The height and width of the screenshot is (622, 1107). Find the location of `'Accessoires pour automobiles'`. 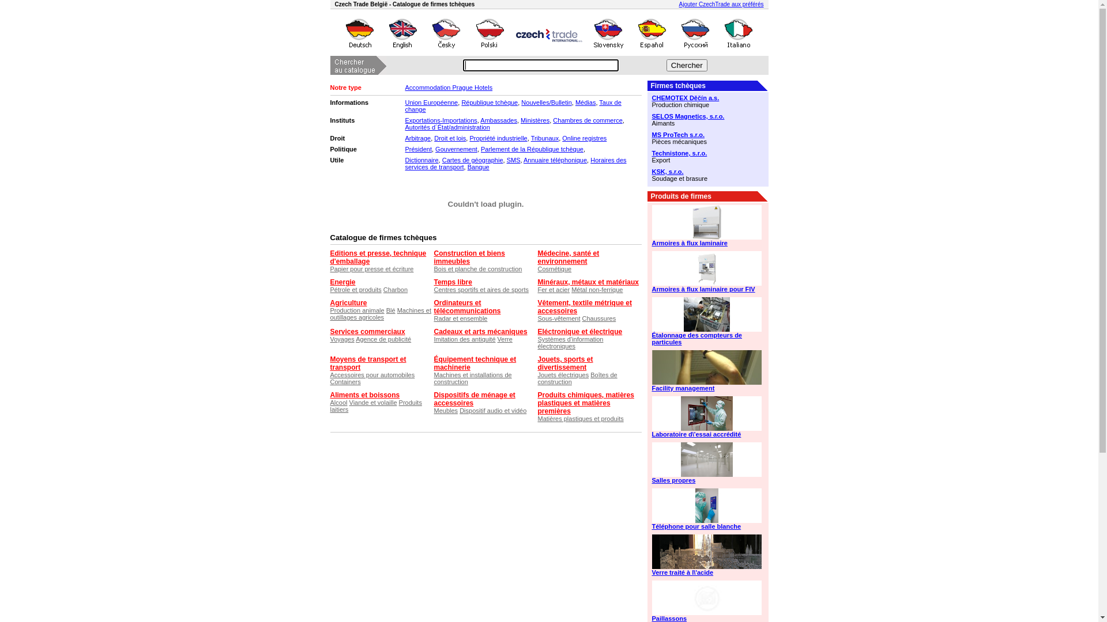

'Accessoires pour automobiles' is located at coordinates (329, 375).